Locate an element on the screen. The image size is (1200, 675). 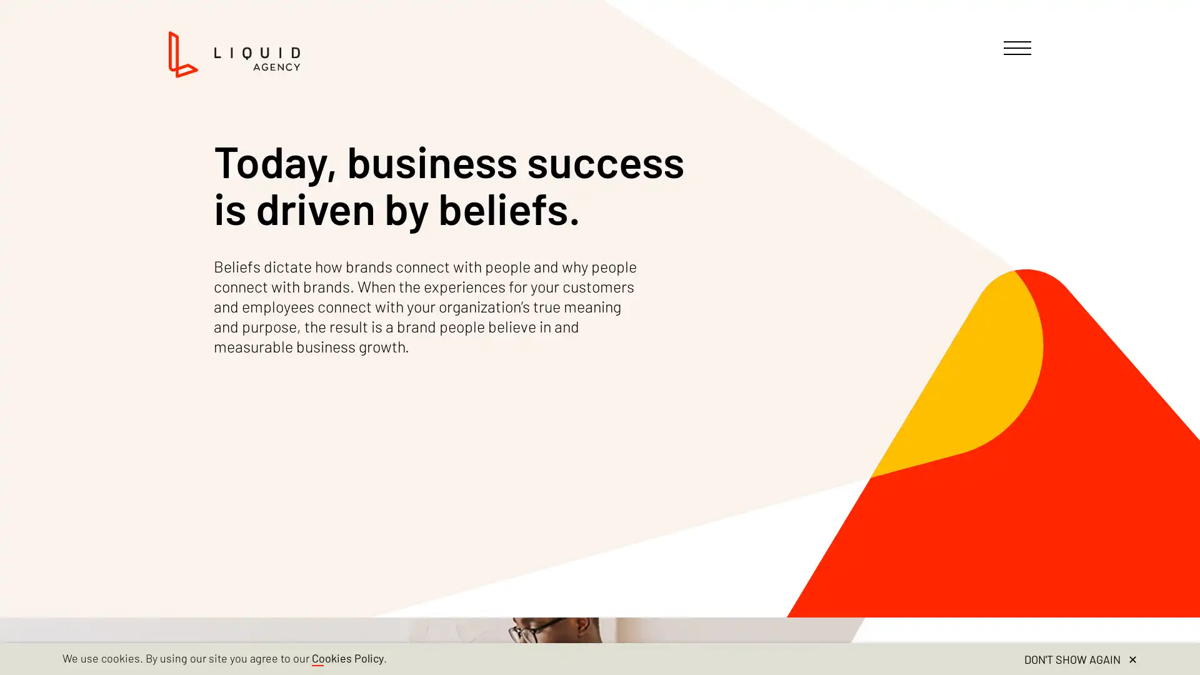
Menu is located at coordinates (1017, 47).